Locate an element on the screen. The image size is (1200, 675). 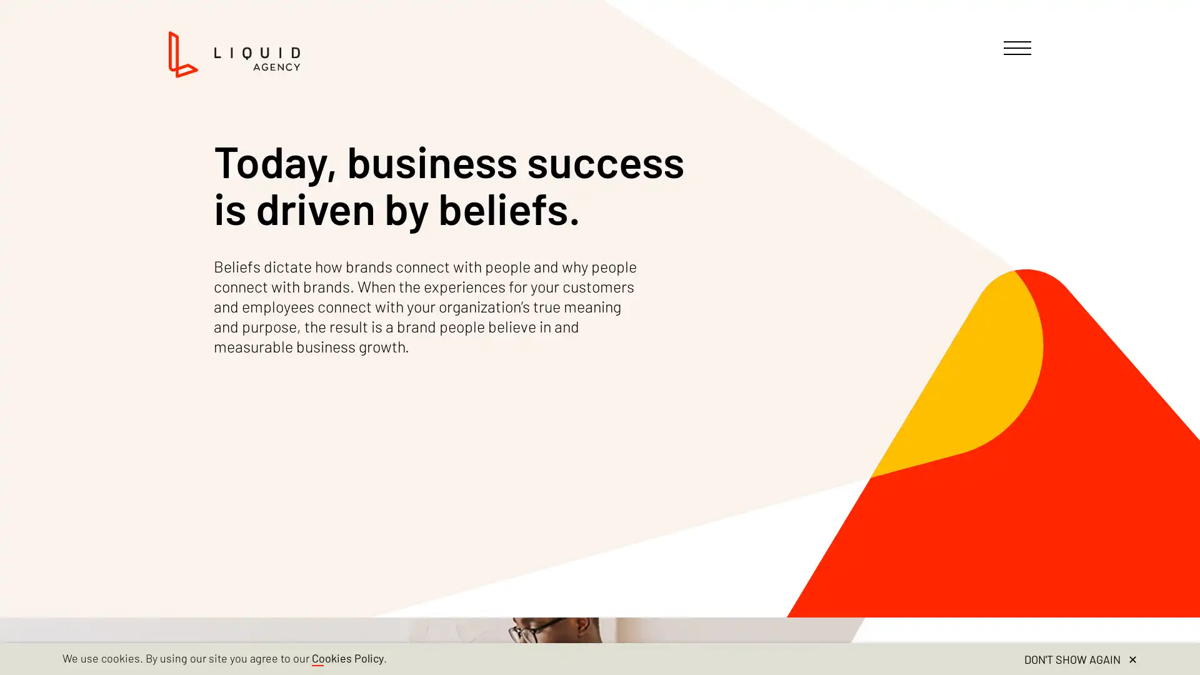
Menu is located at coordinates (1017, 47).